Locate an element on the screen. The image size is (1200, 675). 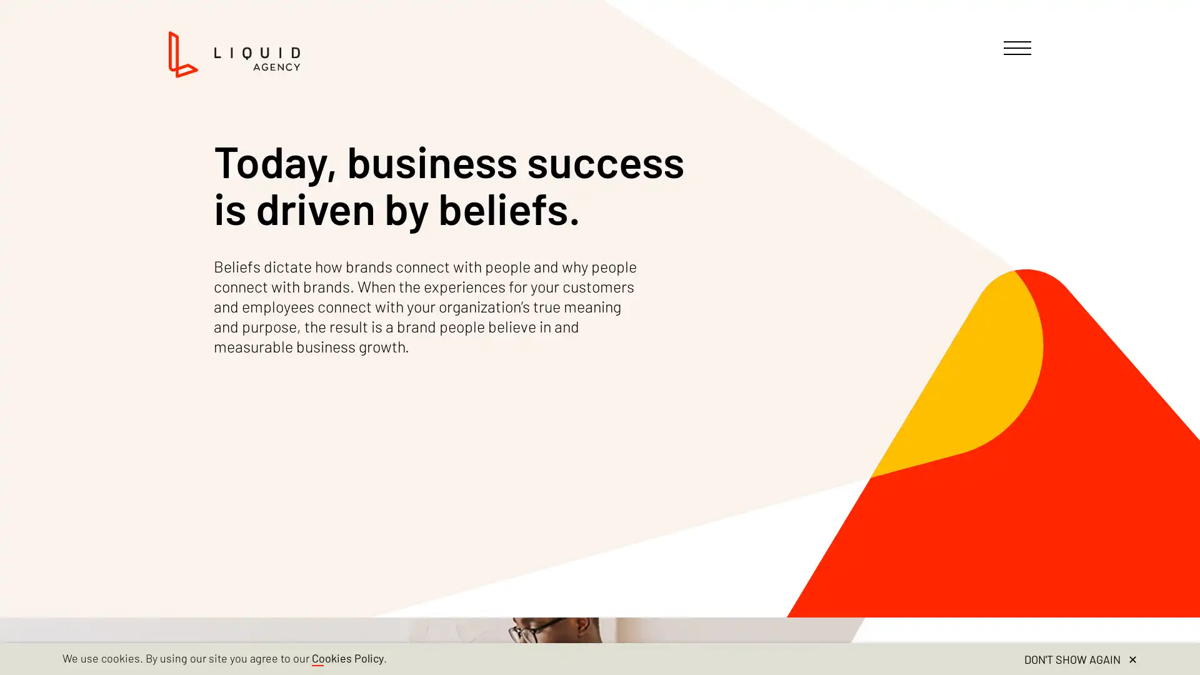
Menu is located at coordinates (1017, 47).